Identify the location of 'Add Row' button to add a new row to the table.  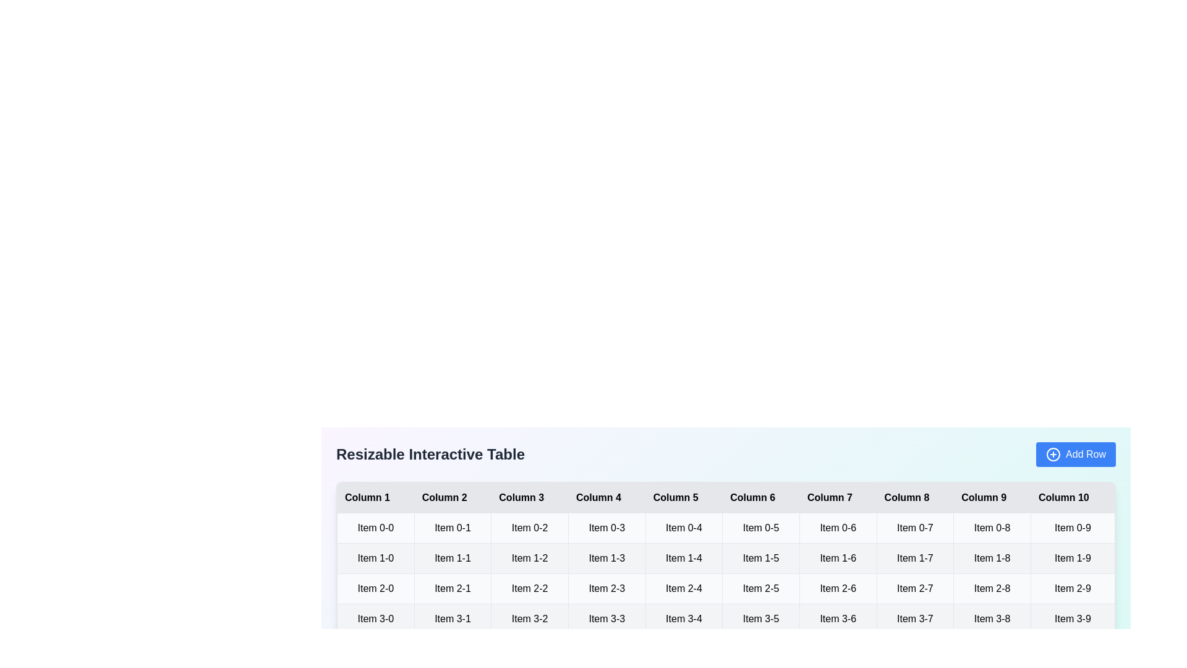
(1075, 455).